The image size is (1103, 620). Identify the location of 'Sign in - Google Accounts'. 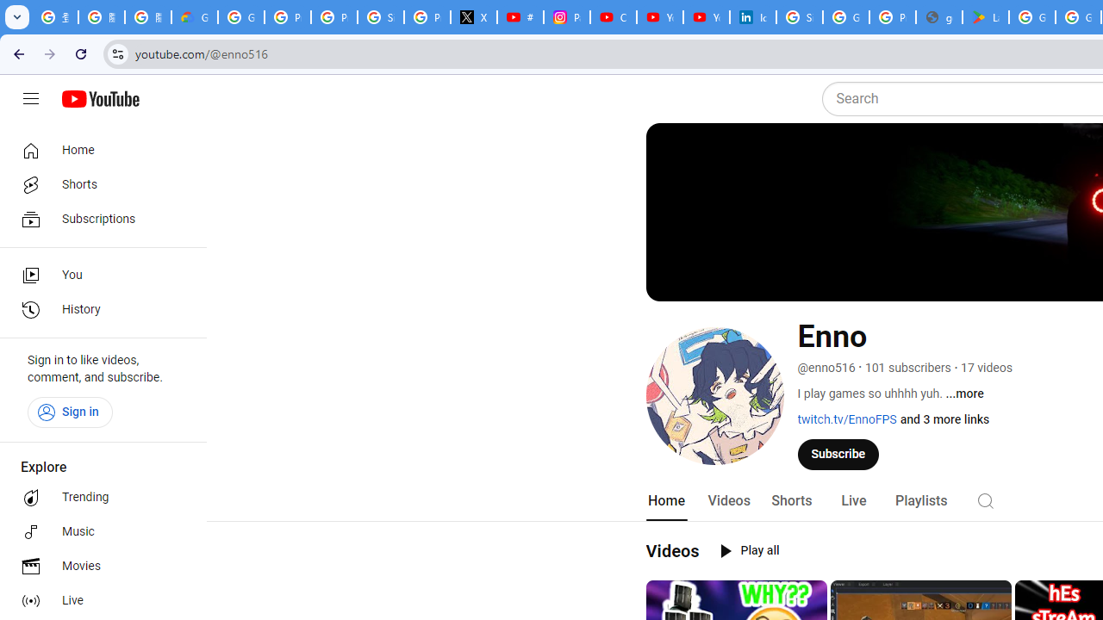
(799, 17).